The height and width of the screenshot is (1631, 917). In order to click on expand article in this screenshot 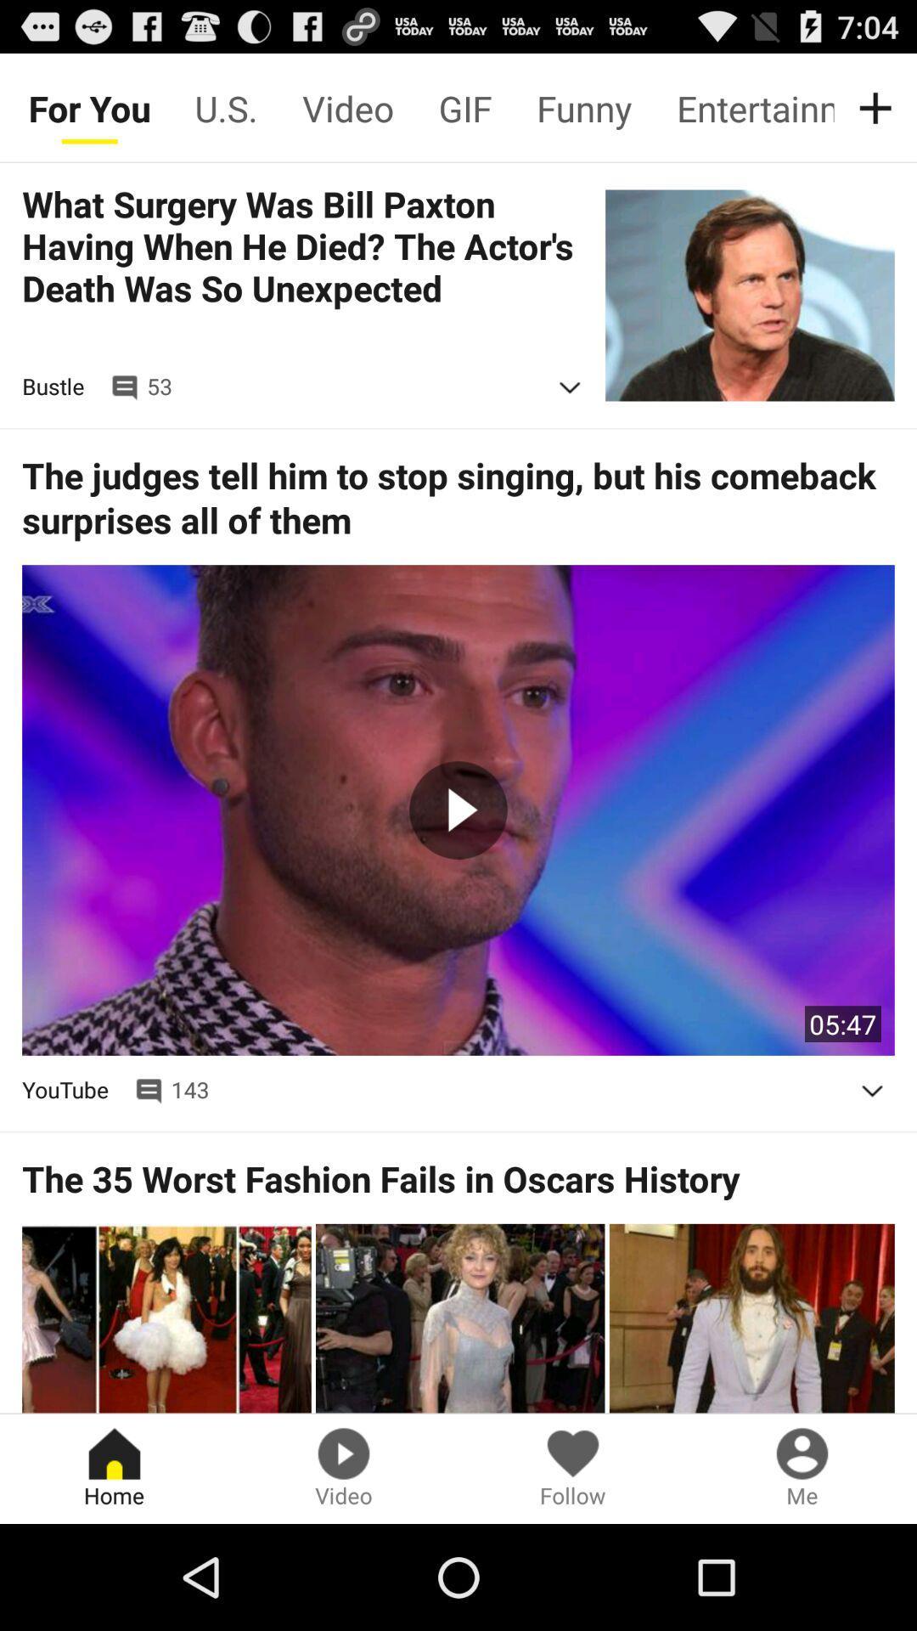, I will do `click(872, 1091)`.